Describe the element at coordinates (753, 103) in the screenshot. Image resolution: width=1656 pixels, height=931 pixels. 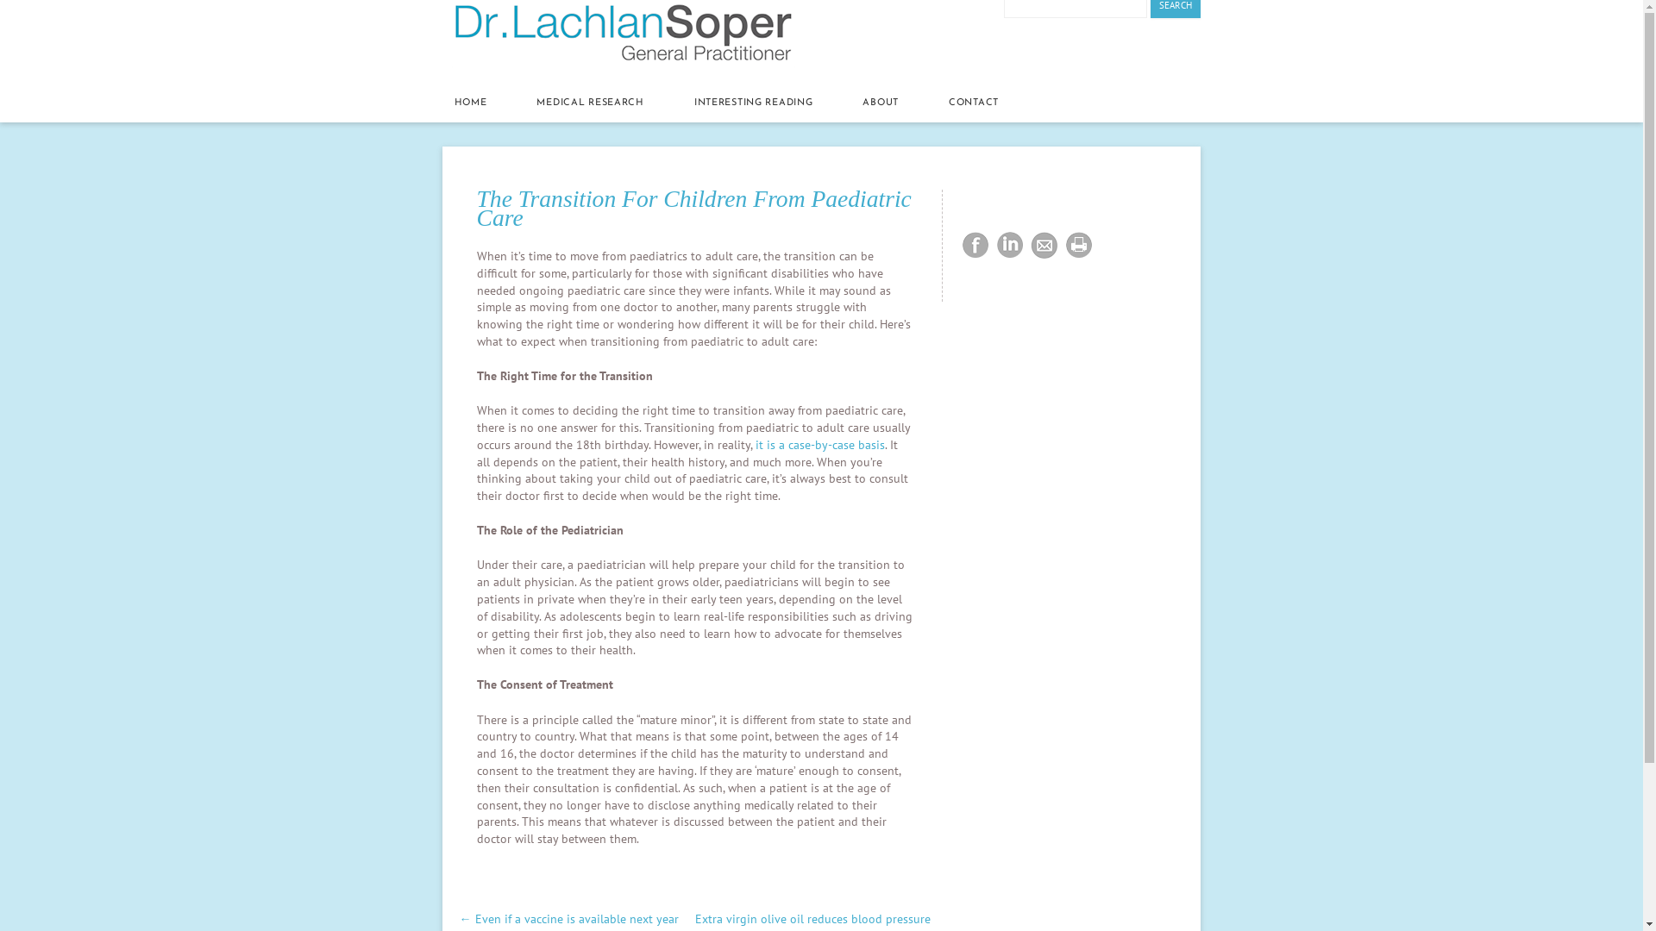
I see `'INTERESTING READING'` at that location.